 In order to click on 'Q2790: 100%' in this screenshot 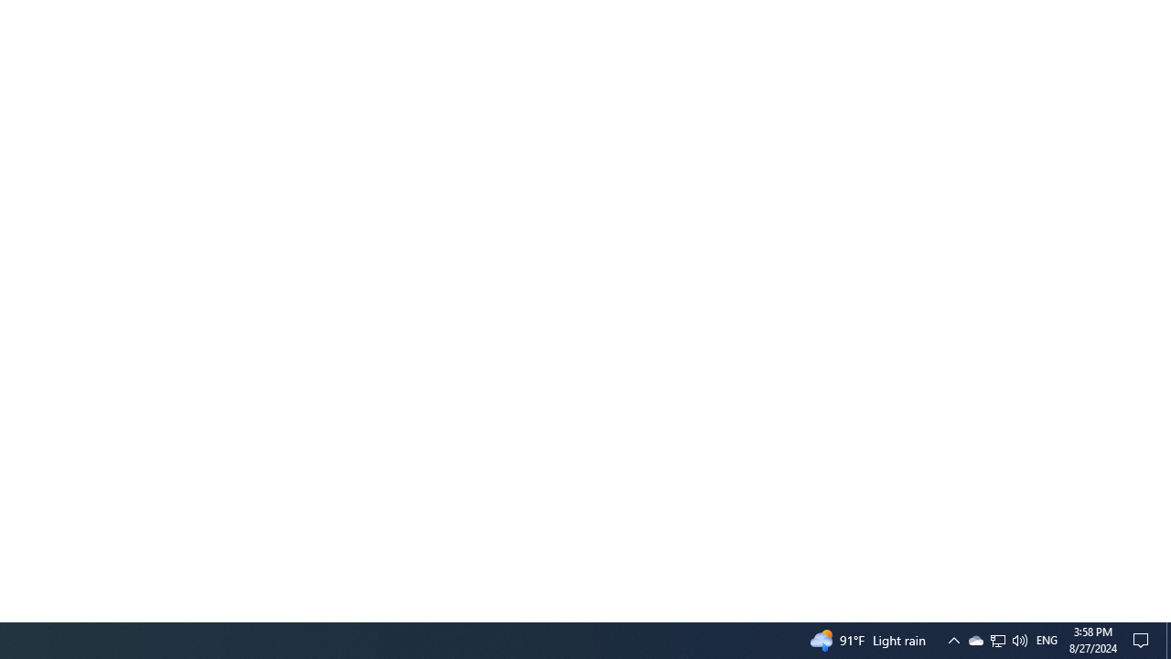, I will do `click(996, 639)`.